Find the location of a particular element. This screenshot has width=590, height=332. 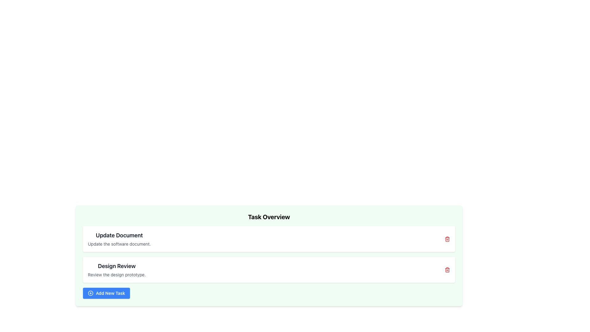

the delete icon button located at the top-right corner of the 'Design Review' card is located at coordinates (447, 270).